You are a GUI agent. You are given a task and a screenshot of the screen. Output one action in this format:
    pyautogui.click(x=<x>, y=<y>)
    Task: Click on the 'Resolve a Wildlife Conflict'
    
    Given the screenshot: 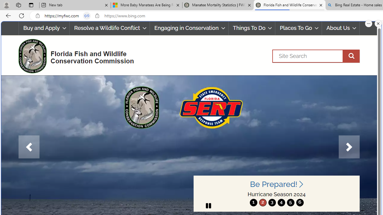 What is the action you would take?
    pyautogui.click(x=110, y=28)
    